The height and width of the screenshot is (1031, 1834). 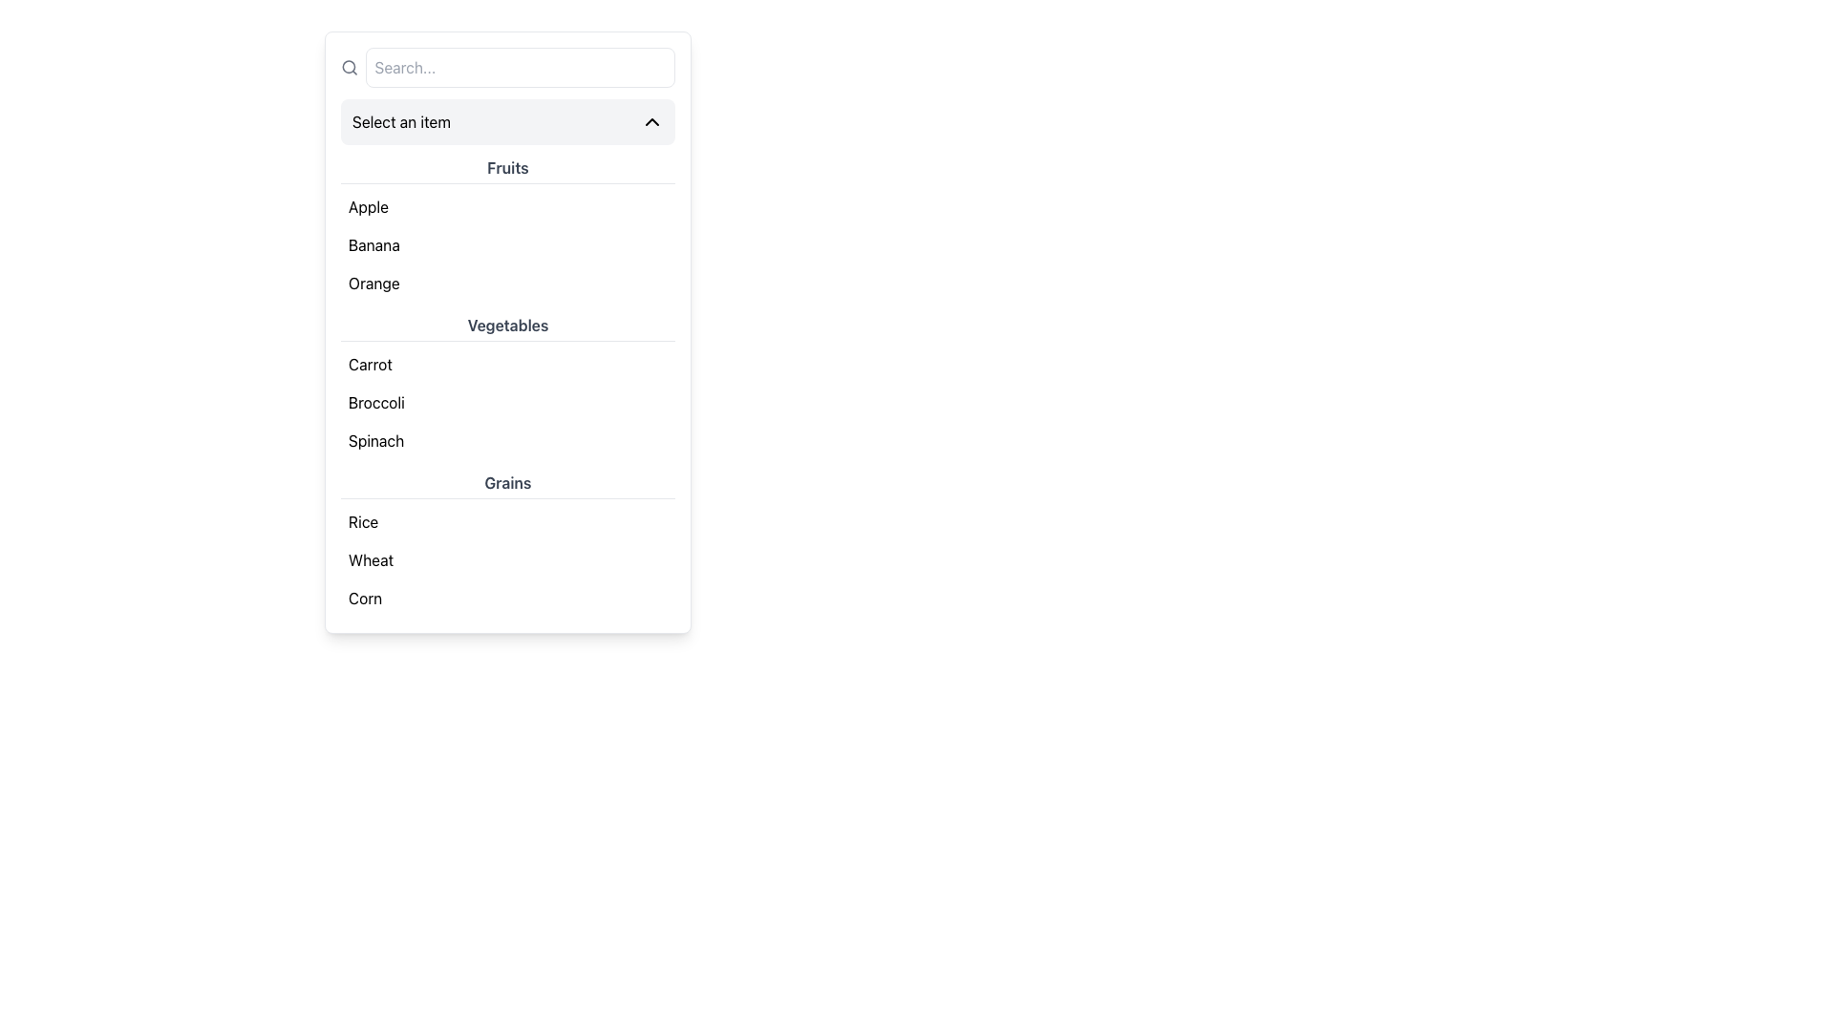 What do you see at coordinates (376, 401) in the screenshot?
I see `the selectable menu item labeled 'Broccoli'` at bounding box center [376, 401].